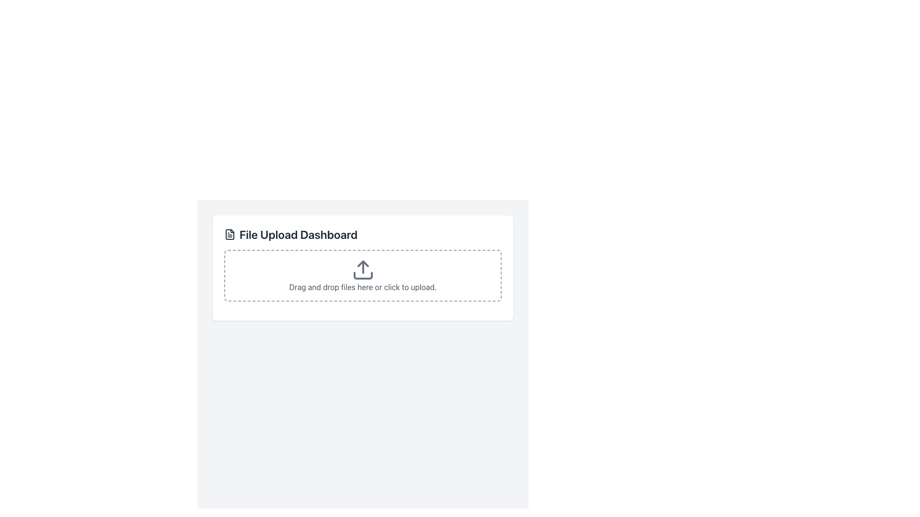  I want to click on the middle component of the upload icon, which visually indicates the upload function in the File Upload Dashboard, so click(362, 264).